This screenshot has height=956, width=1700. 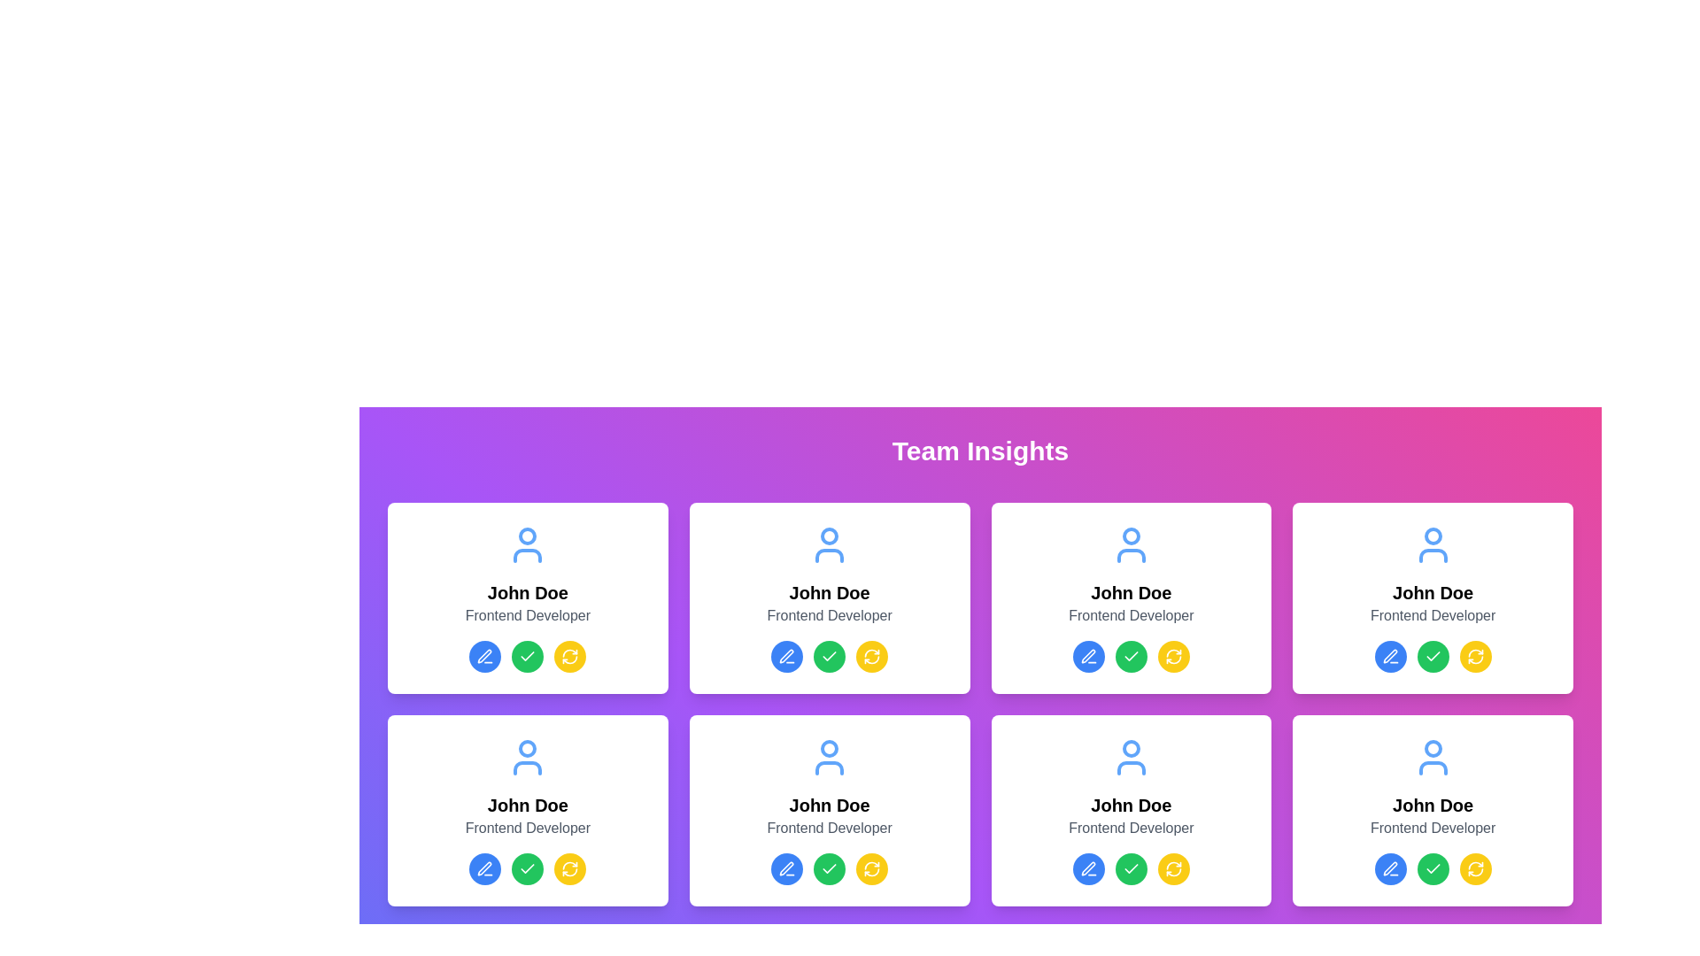 I want to click on the user avatar icon located in the card labeled 'John Doe' and 'Frontend Developer' within the 'Team Insights' section, so click(x=1130, y=757).